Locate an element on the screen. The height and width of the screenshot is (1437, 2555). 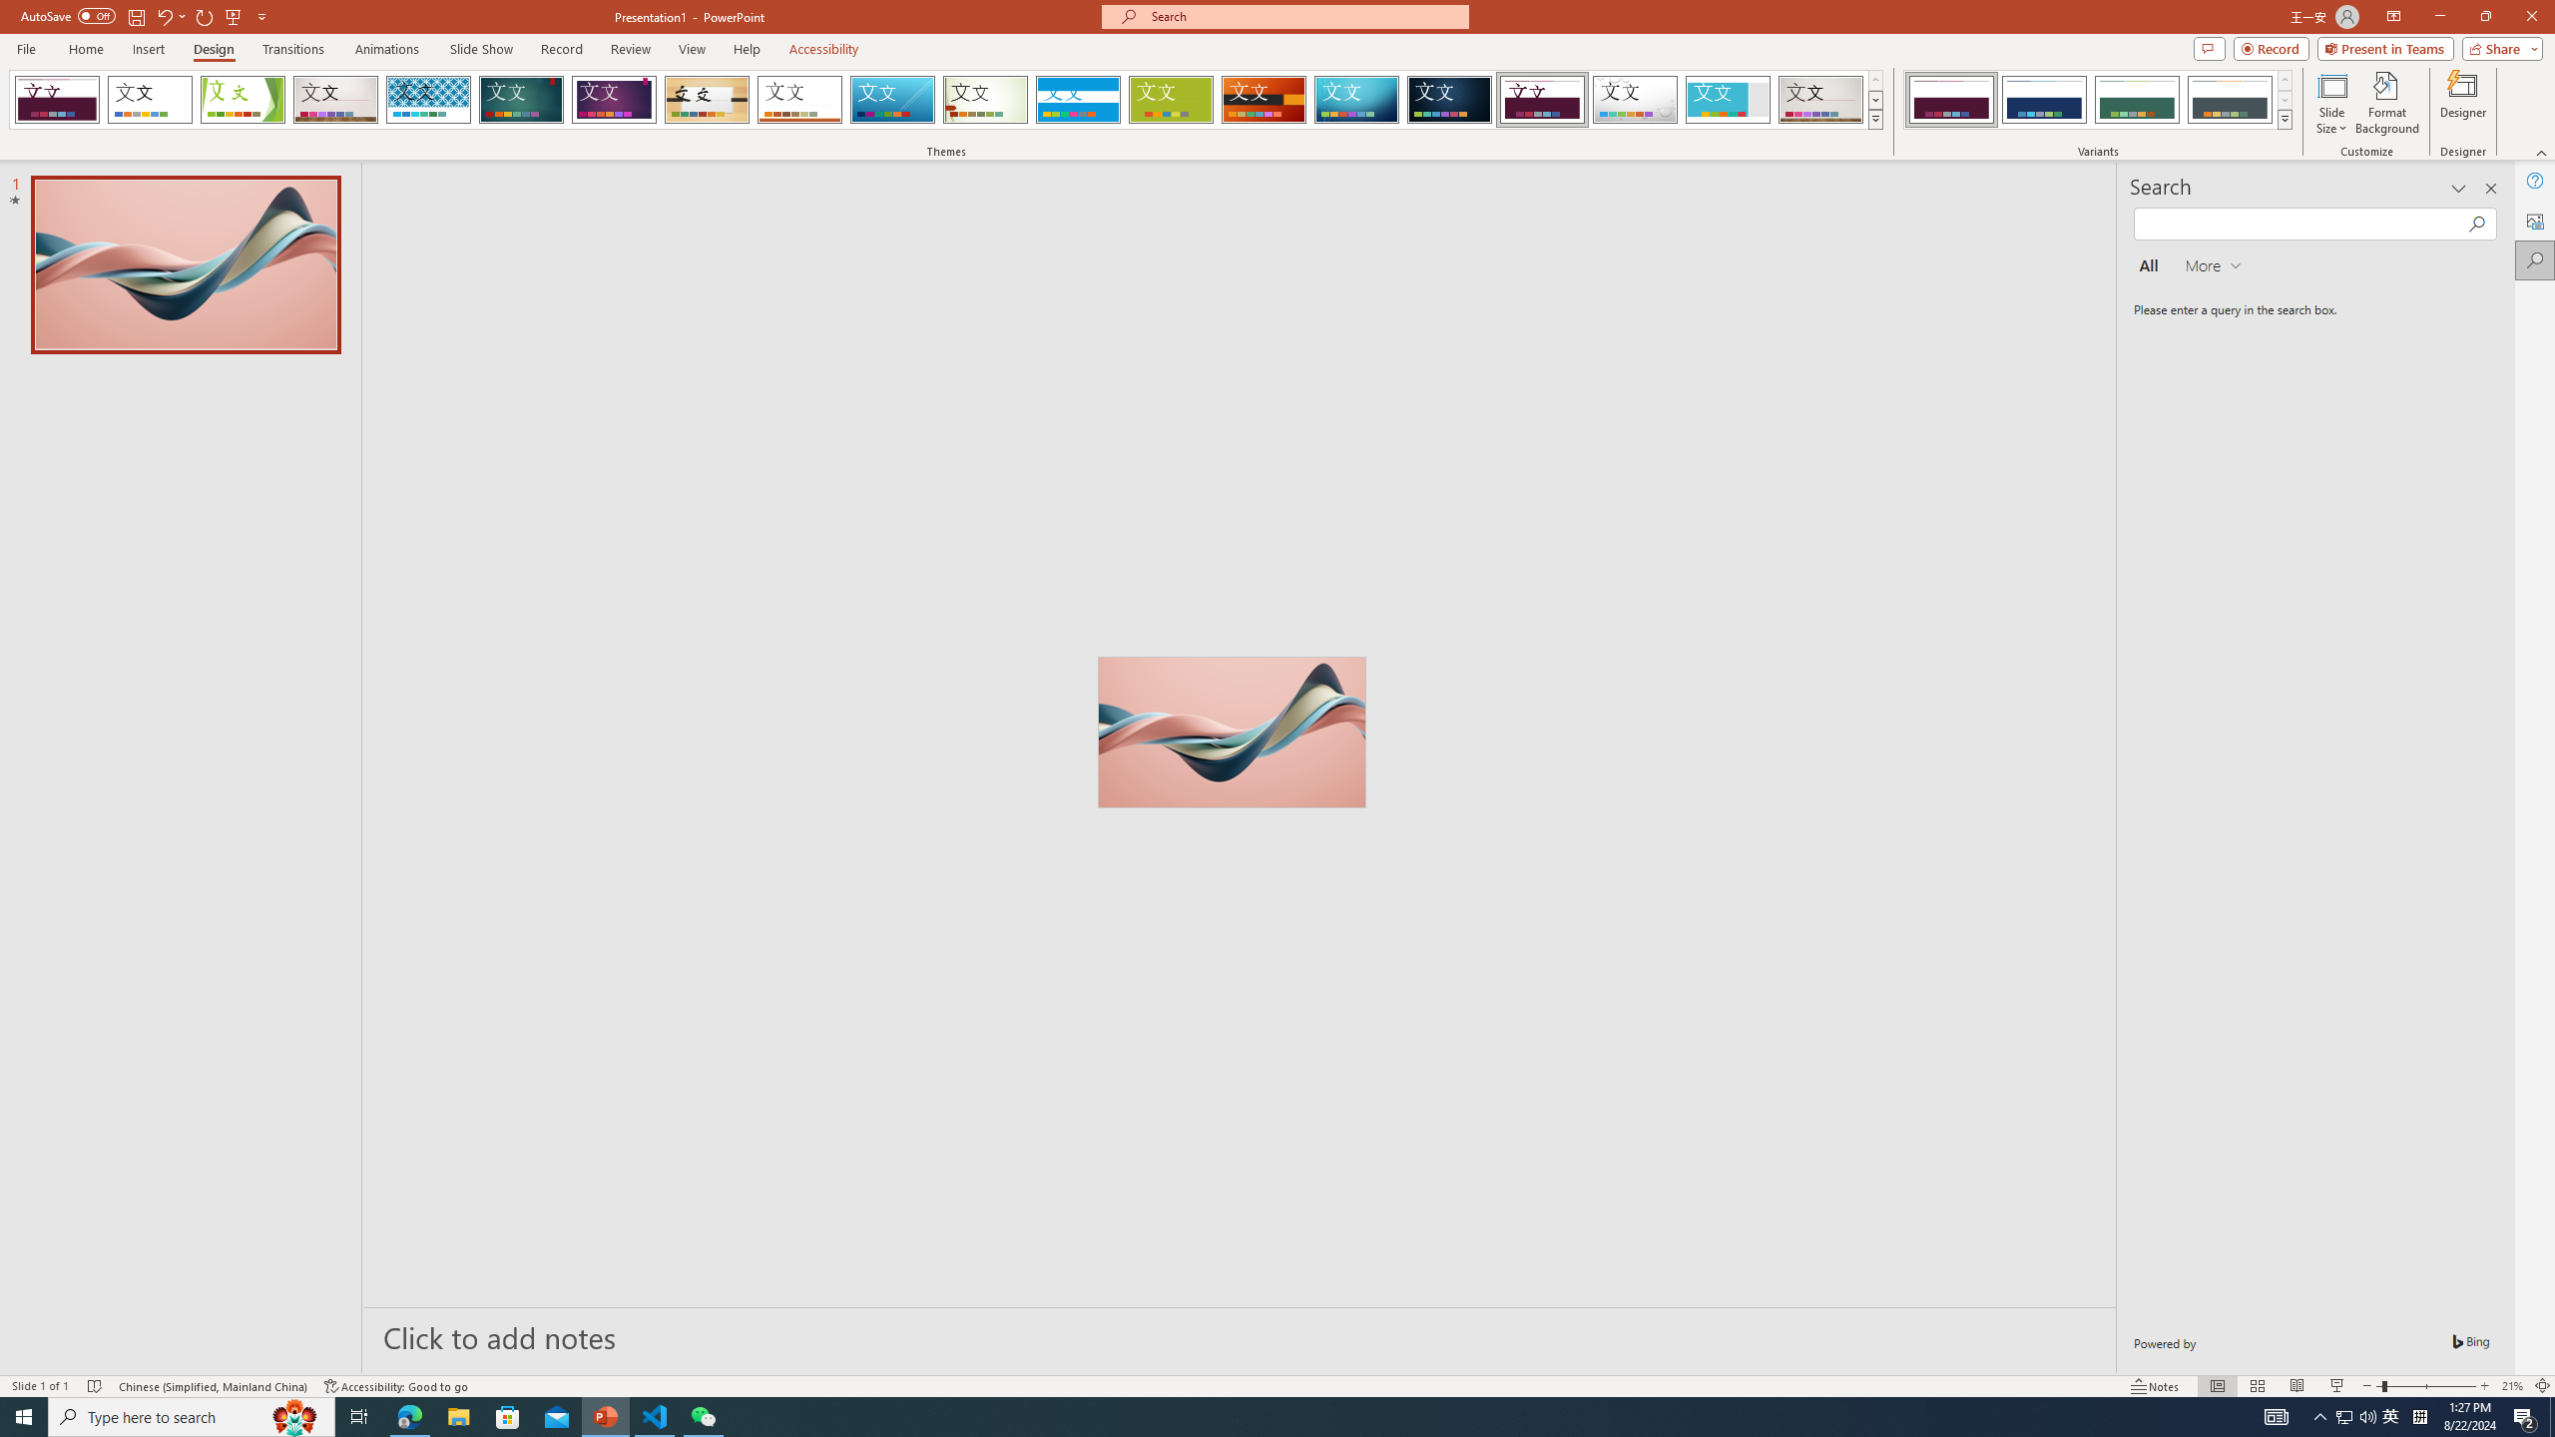
'Berlin' is located at coordinates (1265, 99).